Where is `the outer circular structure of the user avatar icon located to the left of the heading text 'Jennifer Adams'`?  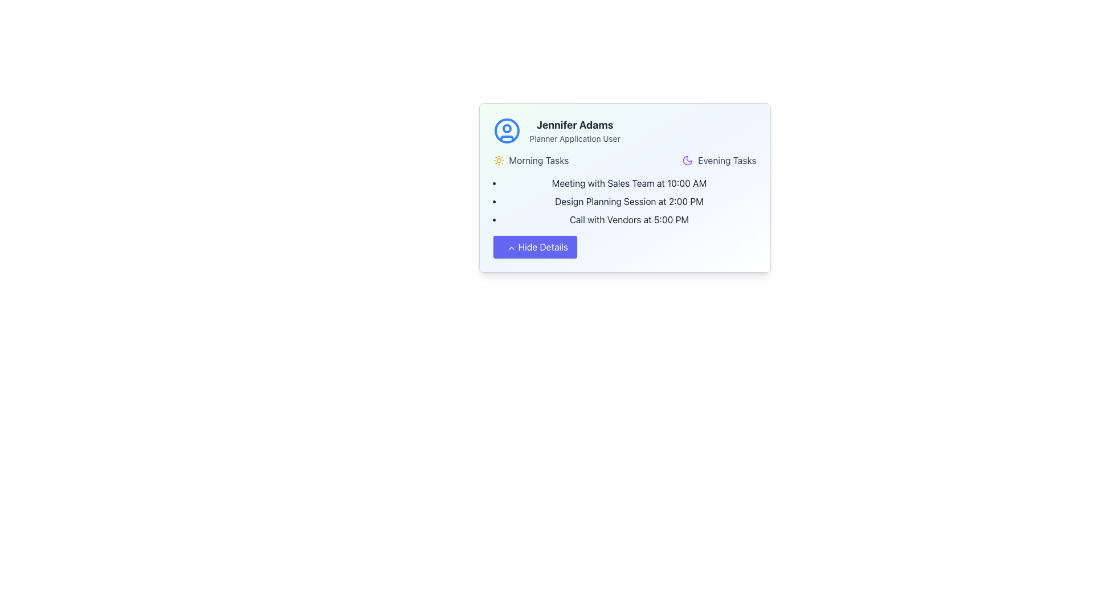
the outer circular structure of the user avatar icon located to the left of the heading text 'Jennifer Adams' is located at coordinates (506, 130).